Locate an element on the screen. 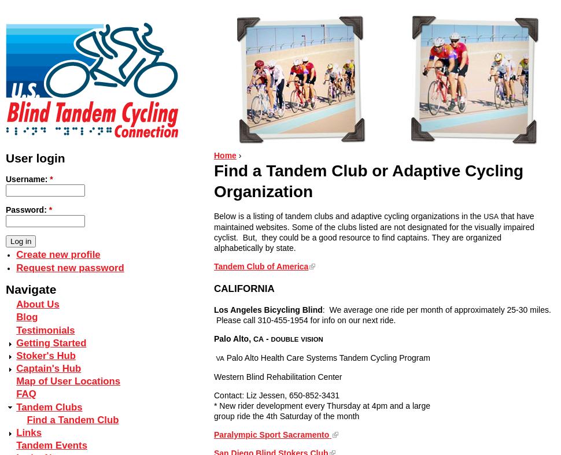 This screenshot has width=561, height=455. 'VISION' is located at coordinates (311, 339).